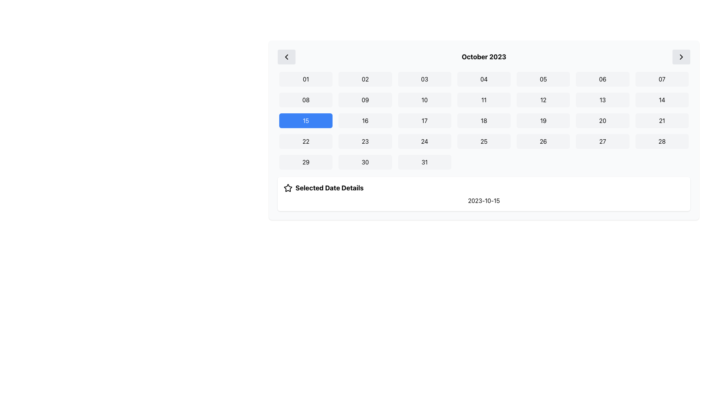  Describe the element at coordinates (365, 120) in the screenshot. I see `the button representing the date '16' in the calendar grid` at that location.